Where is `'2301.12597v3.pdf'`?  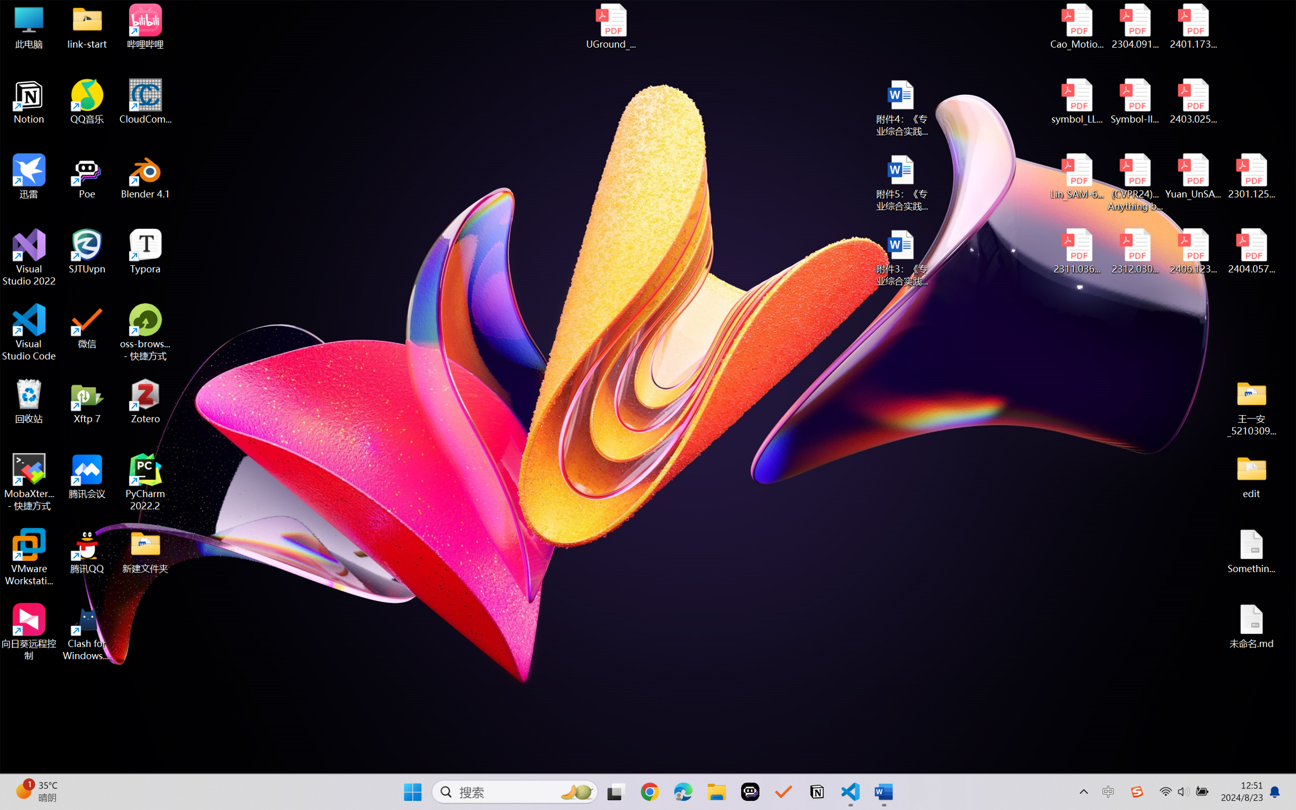
'2301.12597v3.pdf' is located at coordinates (1250, 176).